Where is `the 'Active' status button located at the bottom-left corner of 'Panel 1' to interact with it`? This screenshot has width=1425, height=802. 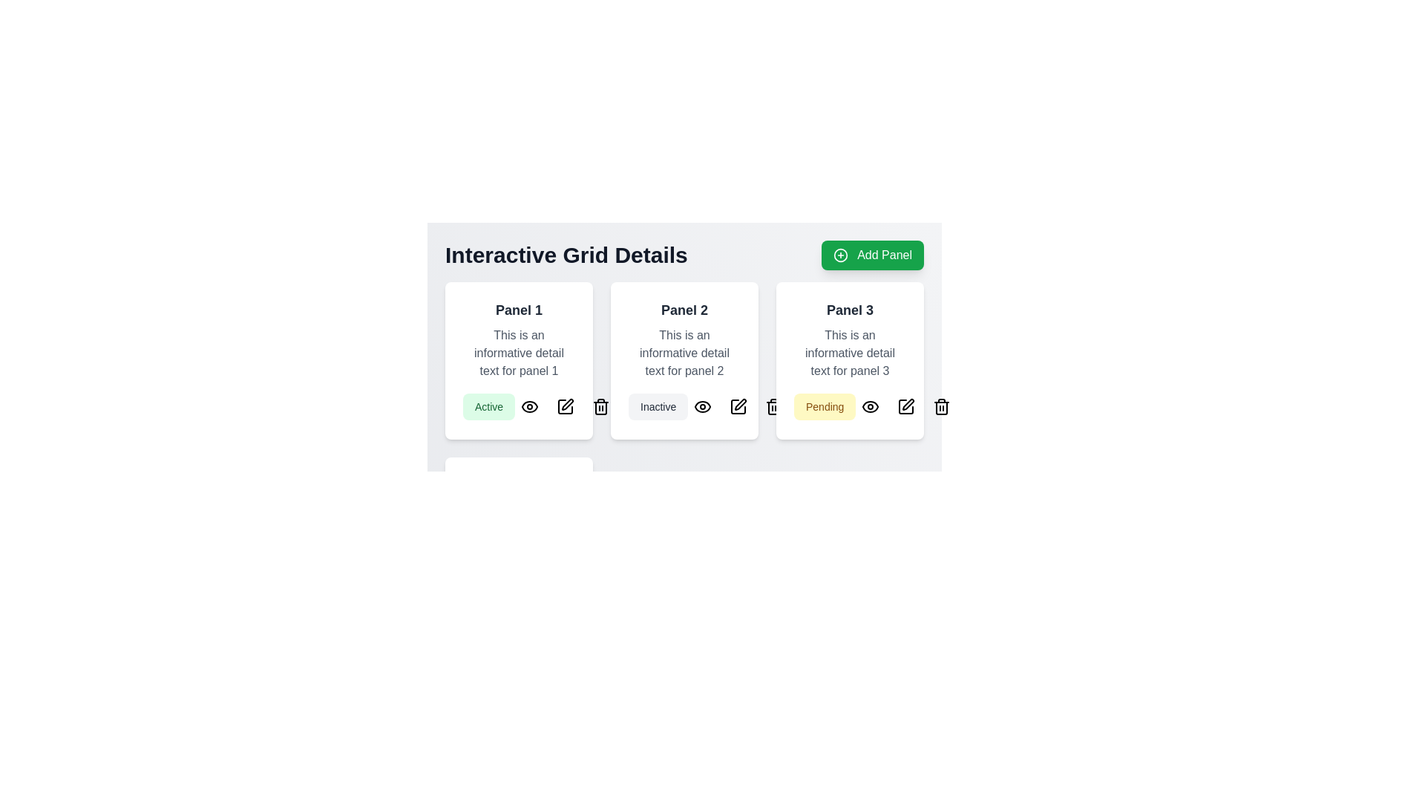
the 'Active' status button located at the bottom-left corner of 'Panel 1' to interact with it is located at coordinates (519, 406).